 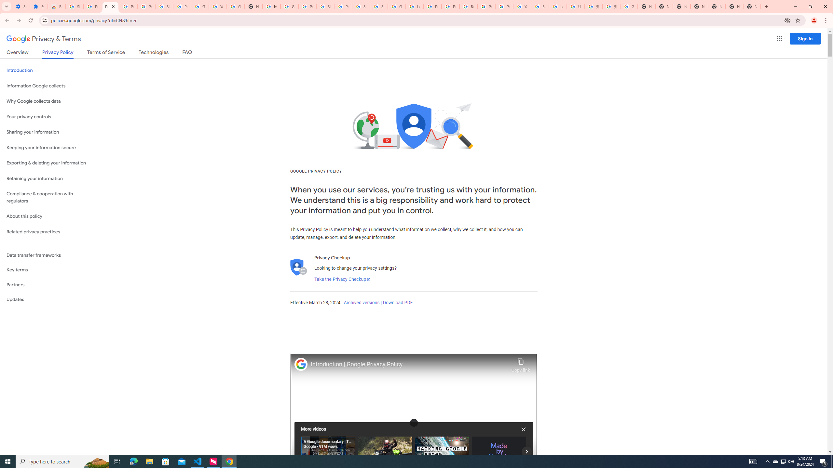 What do you see at coordinates (49, 255) in the screenshot?
I see `'Data transfer frameworks'` at bounding box center [49, 255].